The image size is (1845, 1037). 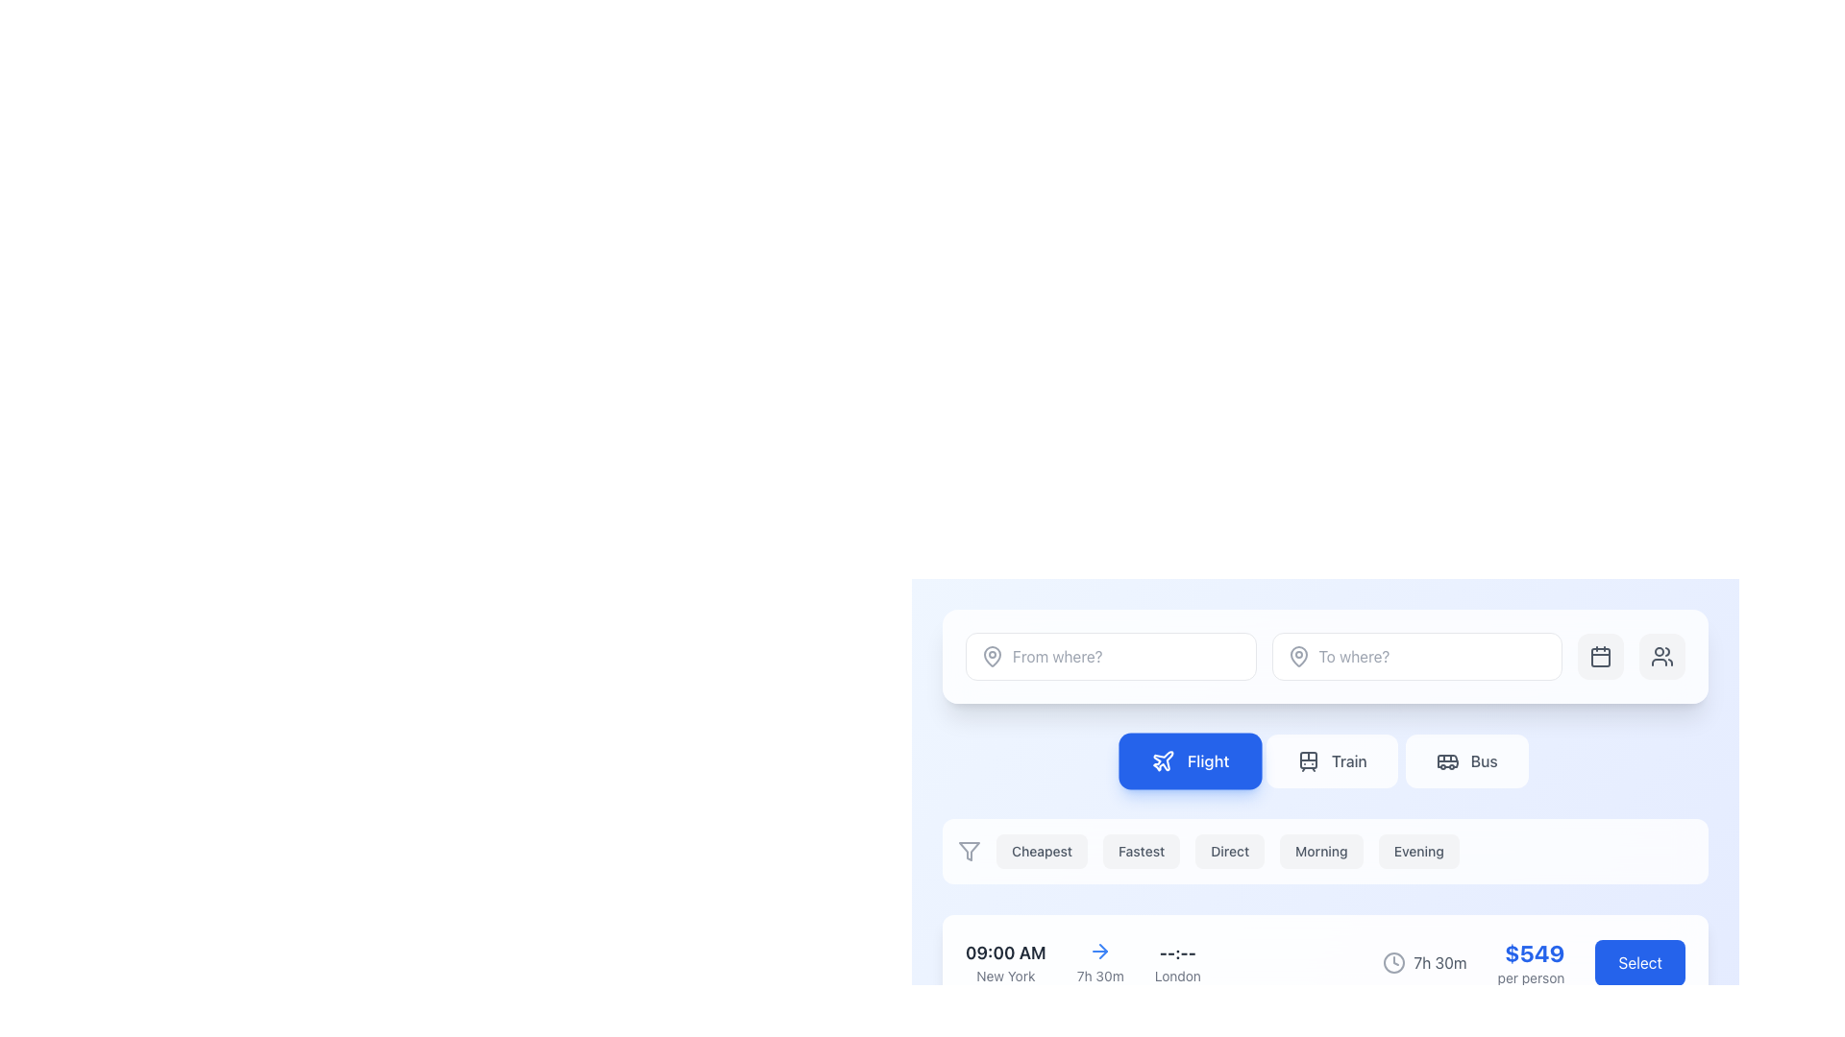 I want to click on the static text label displaying 'London', which is styled in a smaller faded gray font and located below a larger text in a travel-related information section, so click(x=1176, y=977).